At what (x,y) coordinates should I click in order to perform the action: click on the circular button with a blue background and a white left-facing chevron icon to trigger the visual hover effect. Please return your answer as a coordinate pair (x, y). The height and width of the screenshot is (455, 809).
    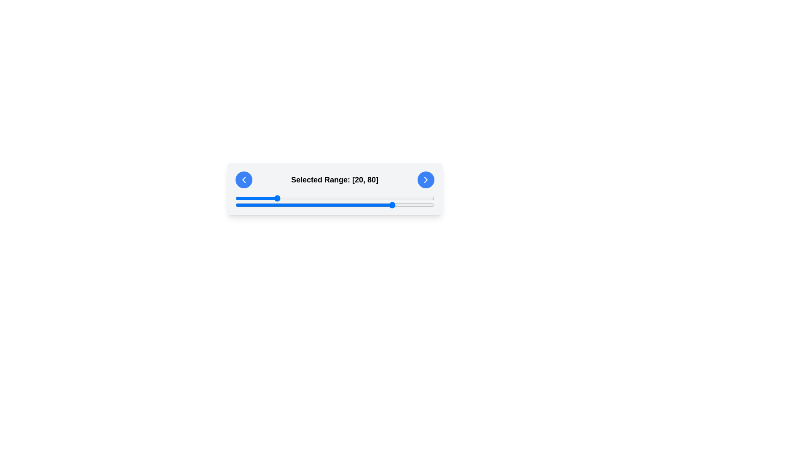
    Looking at the image, I should click on (243, 179).